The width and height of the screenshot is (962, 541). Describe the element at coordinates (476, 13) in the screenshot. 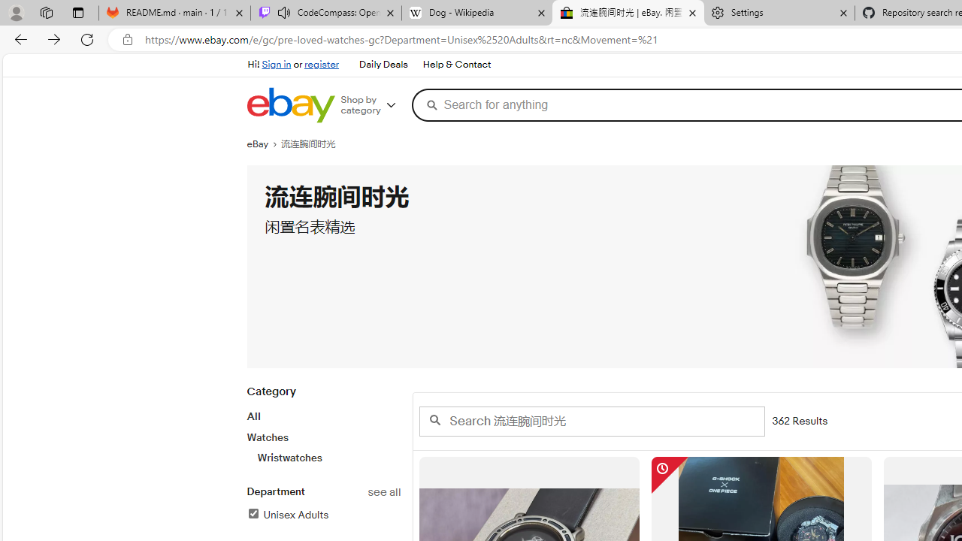

I see `'Dog - Wikipedia'` at that location.